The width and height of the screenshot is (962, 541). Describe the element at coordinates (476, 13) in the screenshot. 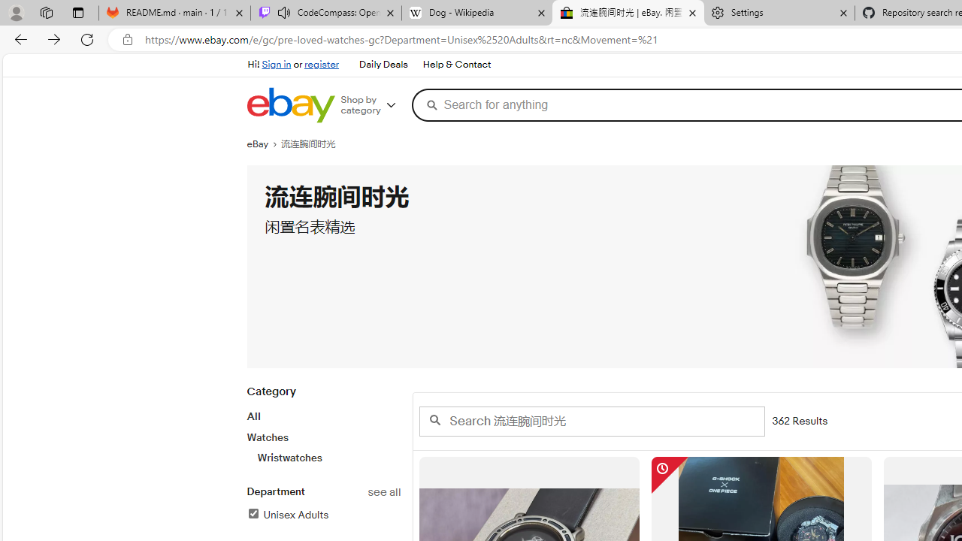

I see `'Dog - Wikipedia'` at that location.